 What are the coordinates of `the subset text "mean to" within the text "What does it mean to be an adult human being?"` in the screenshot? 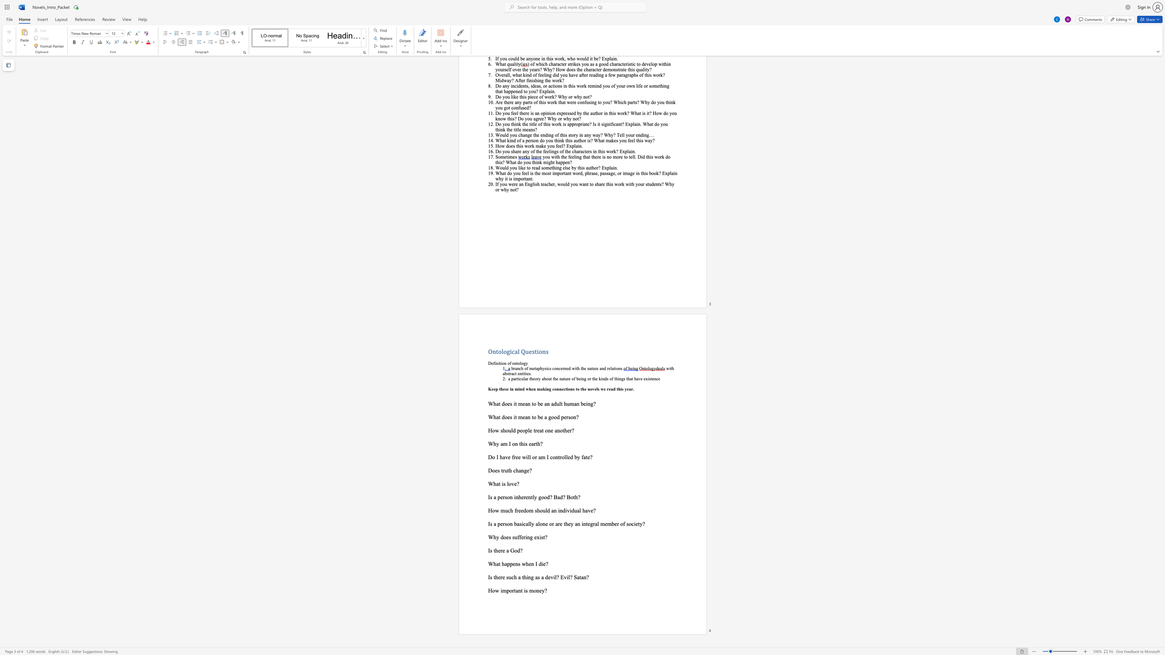 It's located at (518, 403).